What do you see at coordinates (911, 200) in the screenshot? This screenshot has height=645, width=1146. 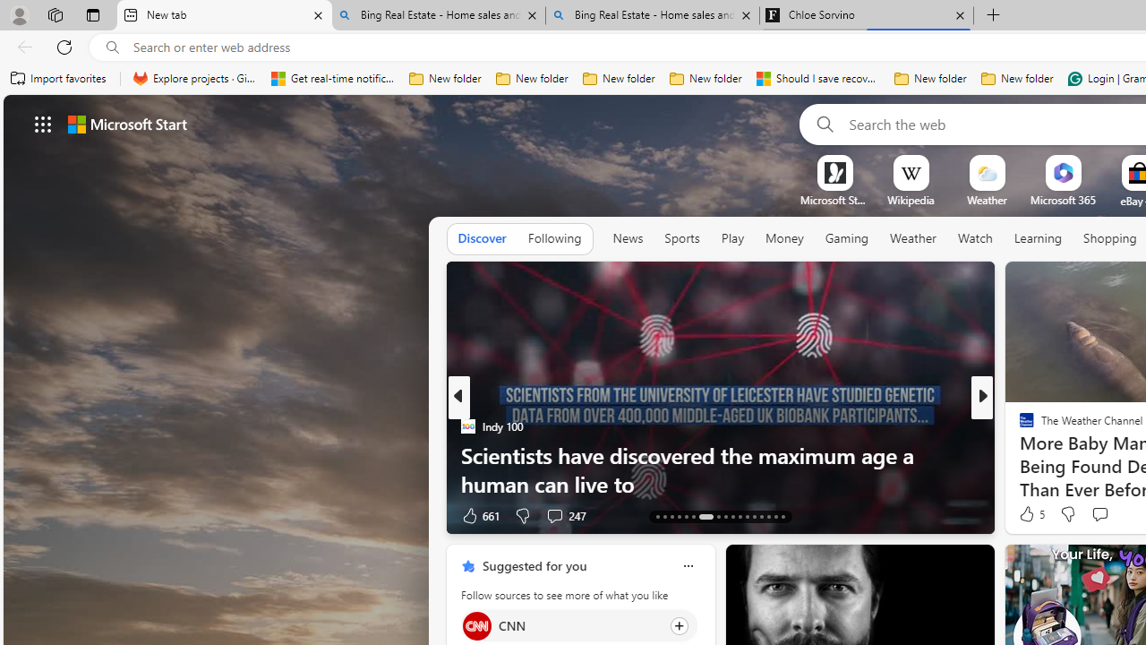 I see `'Wikipedia'` at bounding box center [911, 200].